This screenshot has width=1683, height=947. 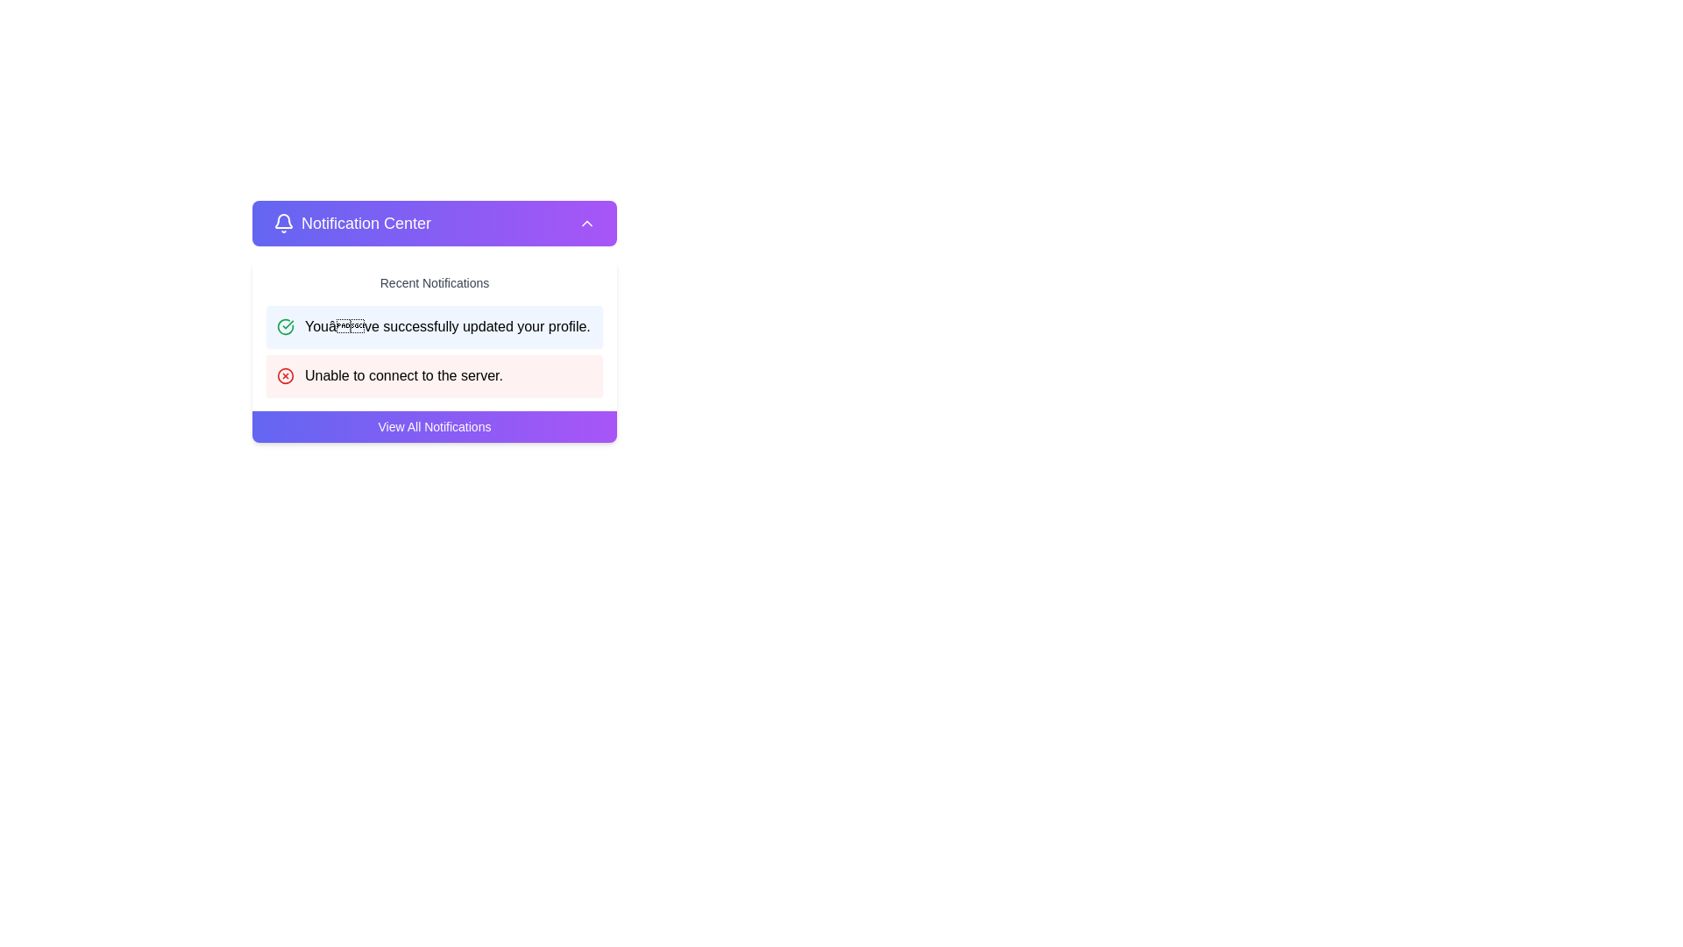 What do you see at coordinates (434, 321) in the screenshot?
I see `notification message displayed as the first entry below the 'Recent Notifications' heading in the notification center` at bounding box center [434, 321].